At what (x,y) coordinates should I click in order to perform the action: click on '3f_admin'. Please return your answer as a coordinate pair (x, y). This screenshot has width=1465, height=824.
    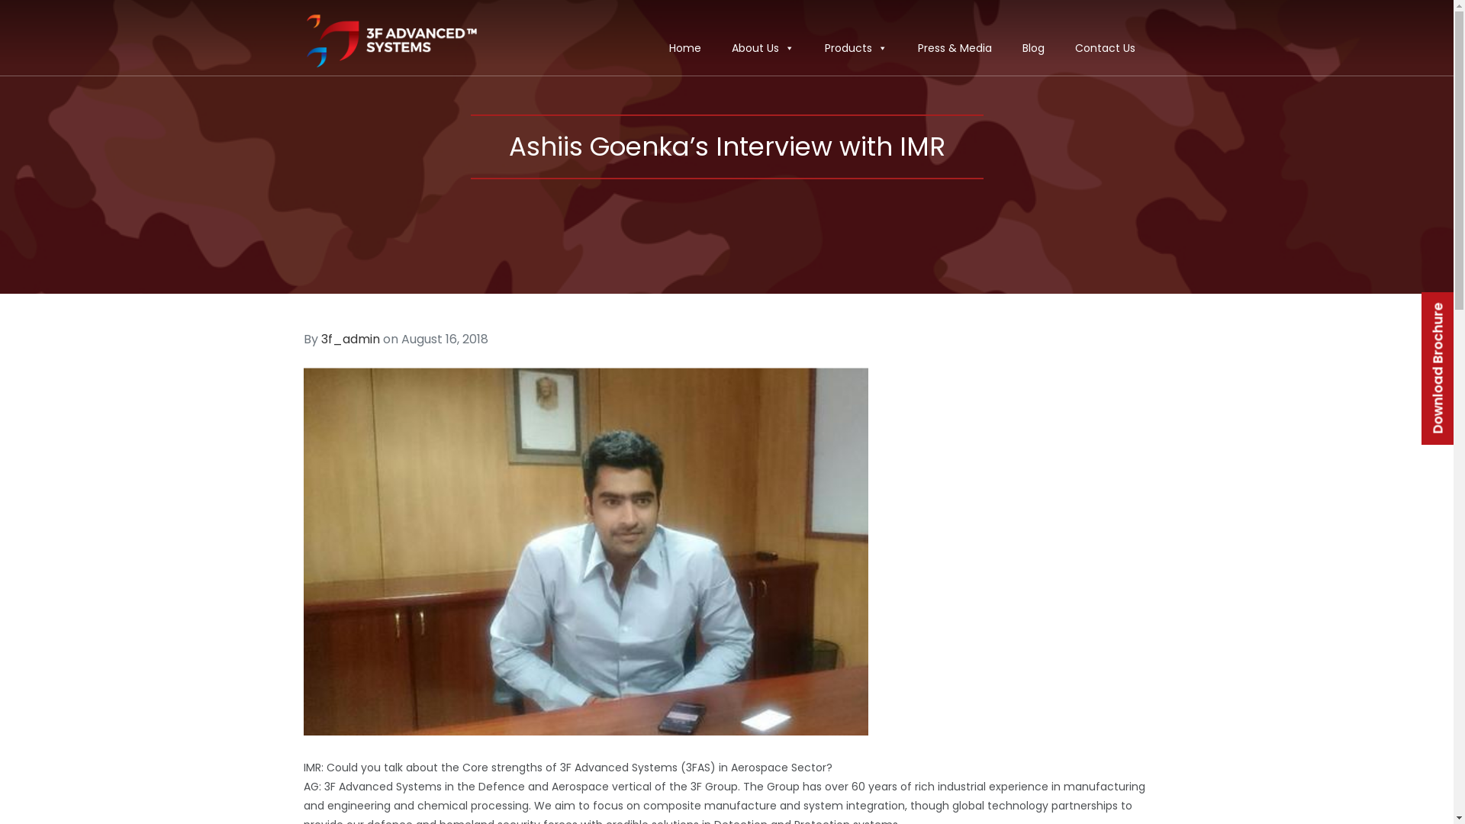
    Looking at the image, I should click on (349, 338).